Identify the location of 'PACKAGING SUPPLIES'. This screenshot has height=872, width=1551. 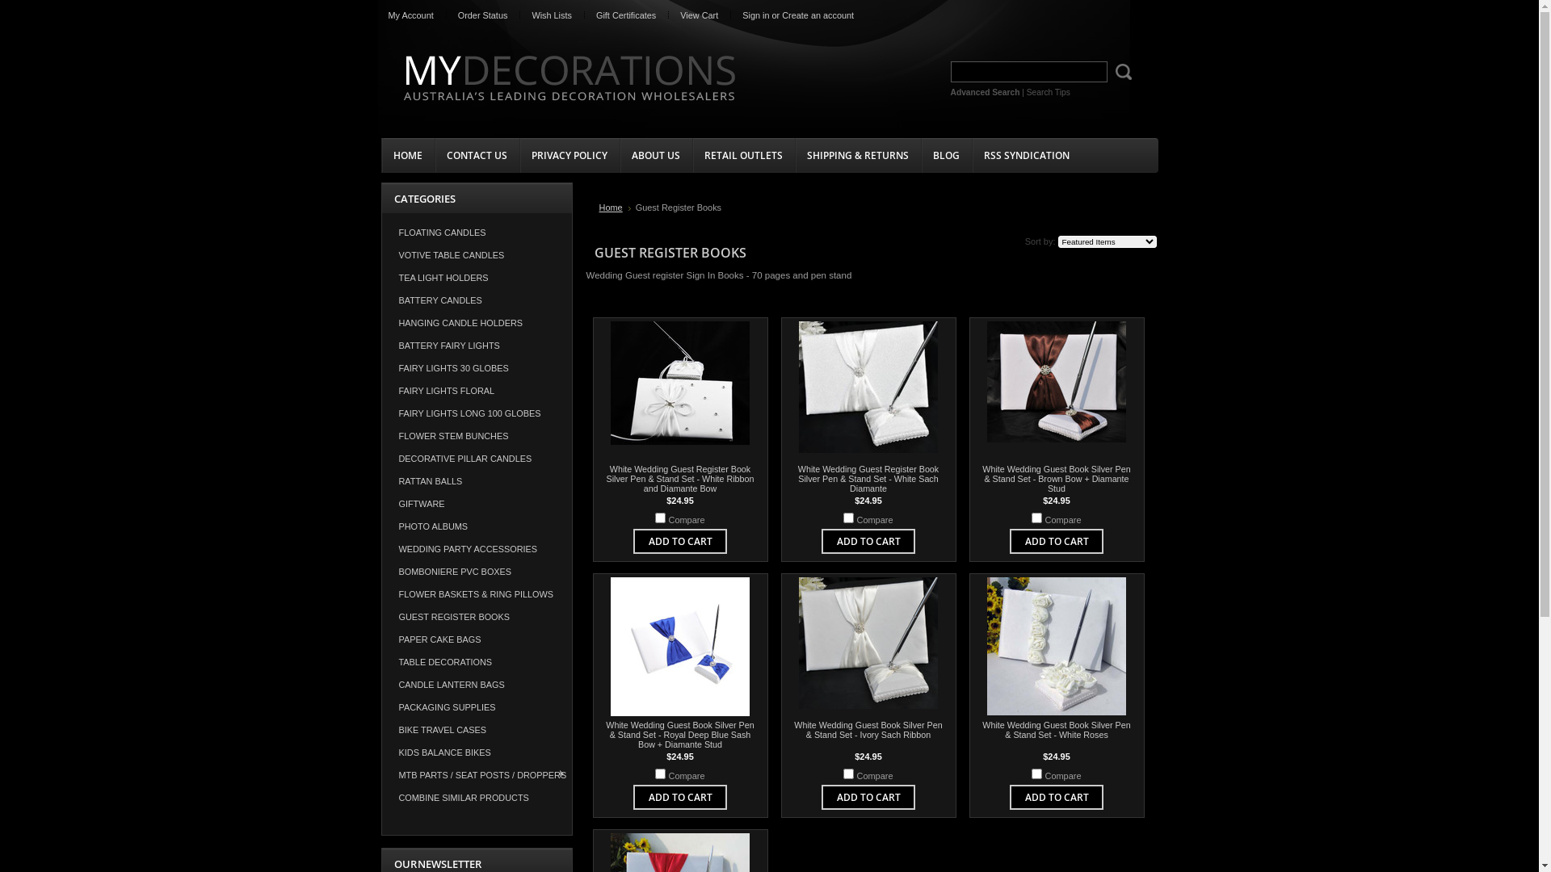
(380, 706).